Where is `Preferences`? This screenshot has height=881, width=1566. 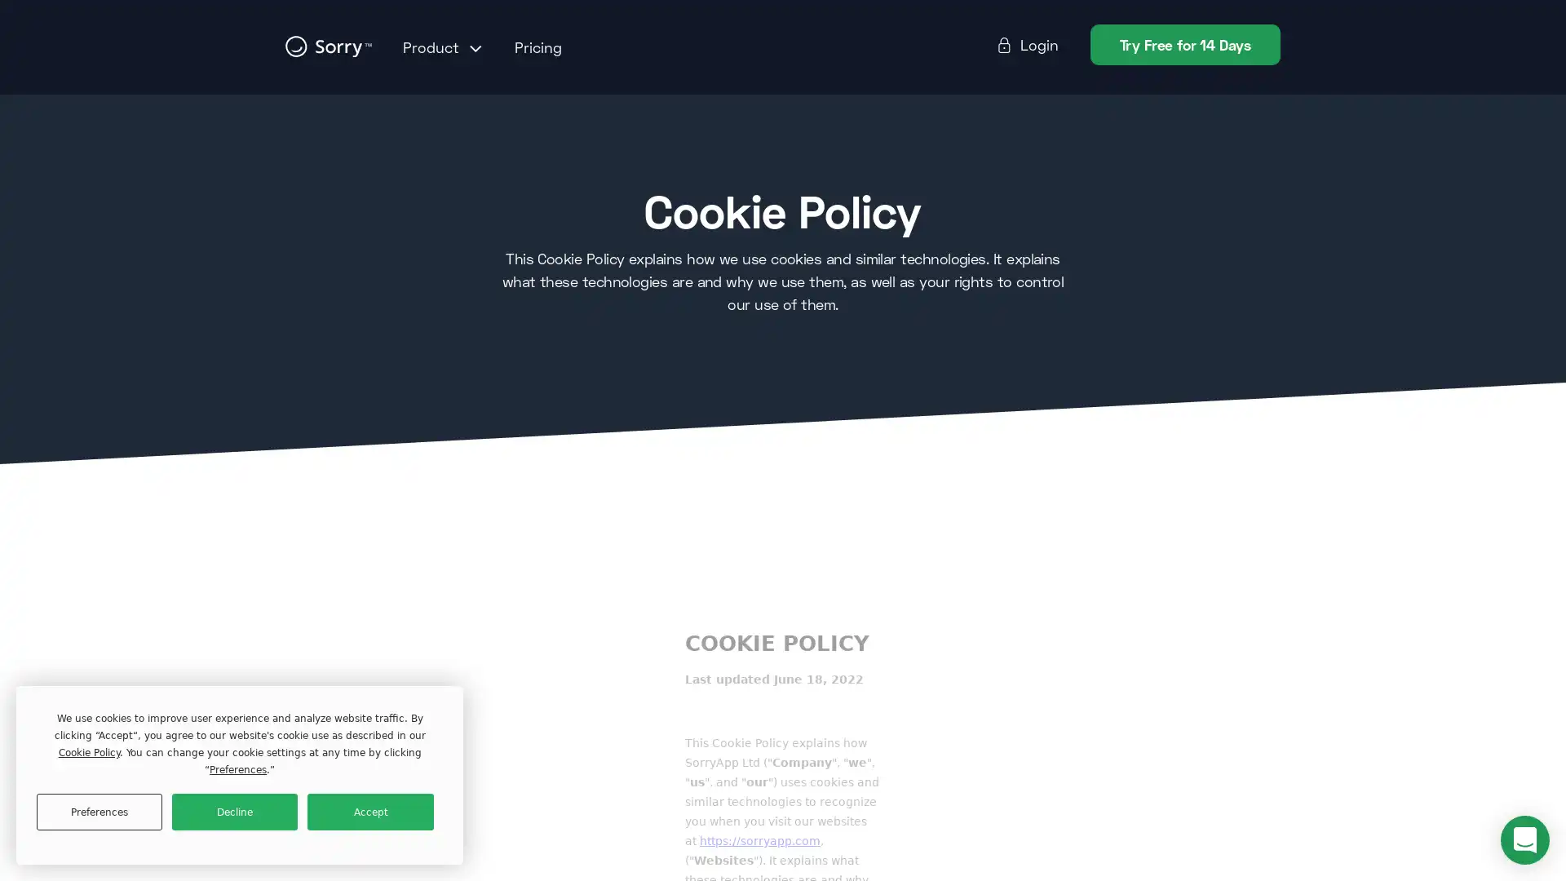
Preferences is located at coordinates (98, 812).